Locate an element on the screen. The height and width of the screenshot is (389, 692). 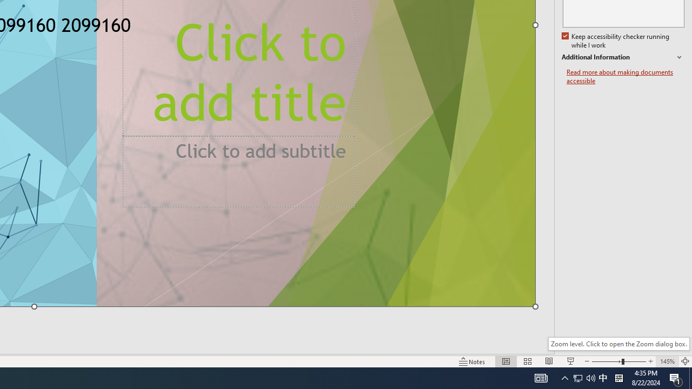
'Zoom 145%' is located at coordinates (667, 361).